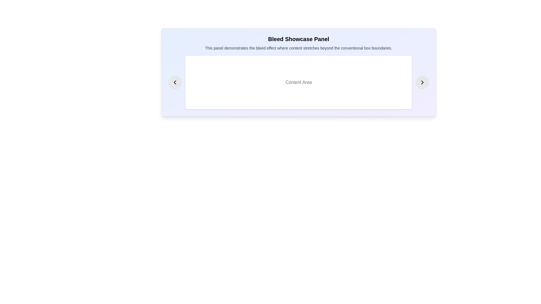 The image size is (541, 304). I want to click on the Text Block element that reads 'This panel demonstrates the bleed effect where content stretches beyond the conventional box boundaries.' It is styled in gray and located below the title 'Bleed Showcase Panel.', so click(298, 48).